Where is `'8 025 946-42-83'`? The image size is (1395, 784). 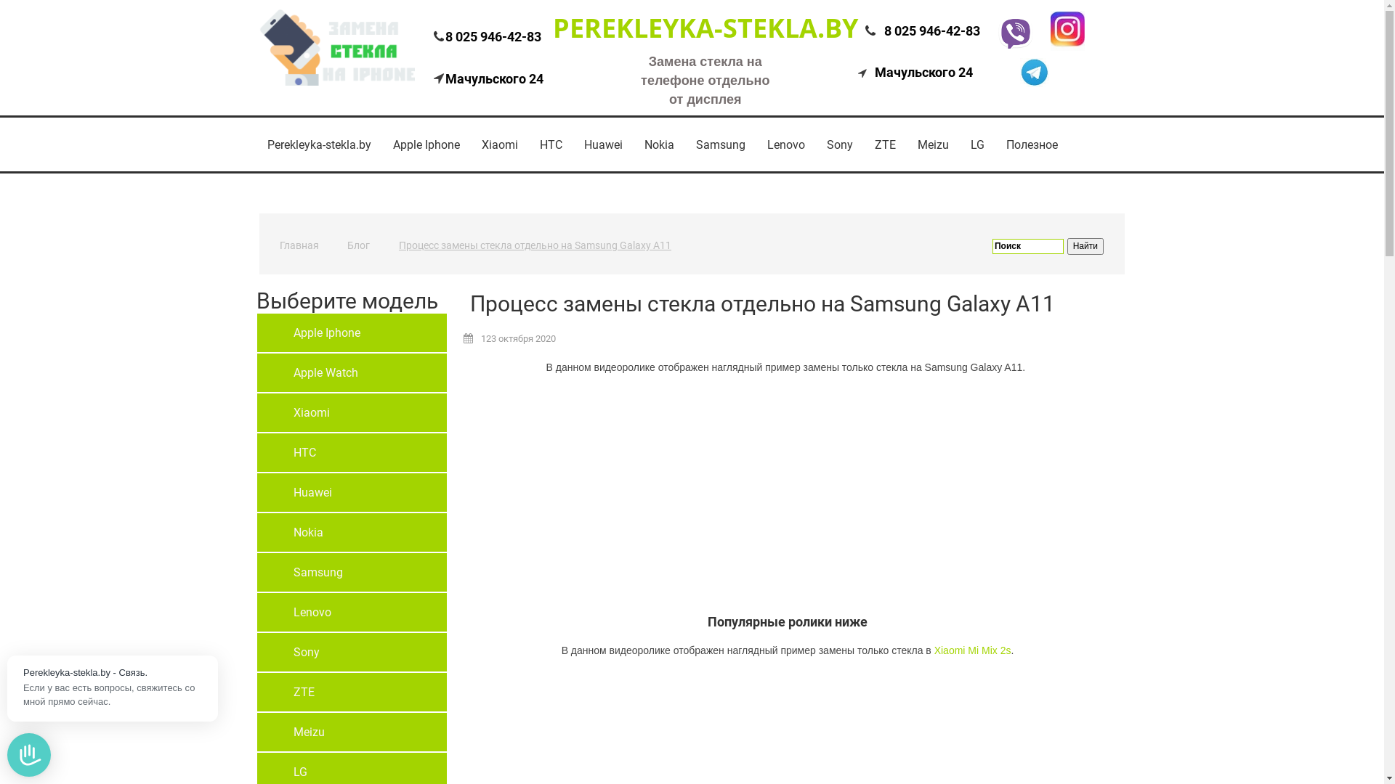
'8 025 946-42-83' is located at coordinates (492, 36).